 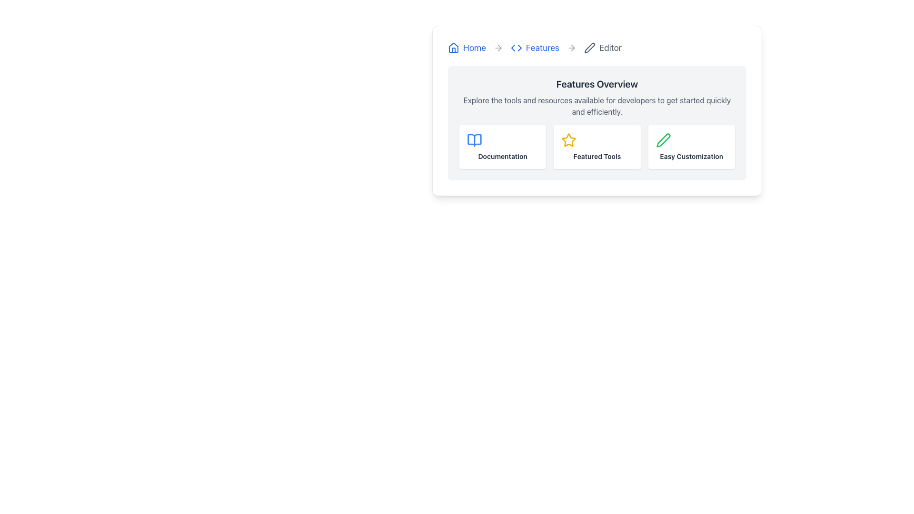 I want to click on the first interactive card located at the top-left corner of the grid layout, so click(x=502, y=147).